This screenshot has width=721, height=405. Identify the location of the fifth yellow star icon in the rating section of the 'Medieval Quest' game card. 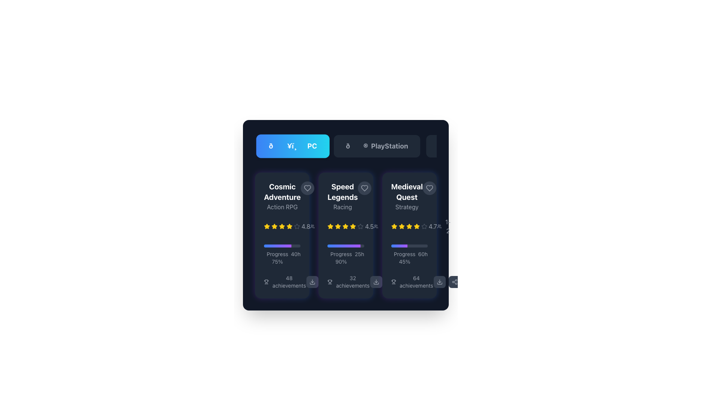
(409, 226).